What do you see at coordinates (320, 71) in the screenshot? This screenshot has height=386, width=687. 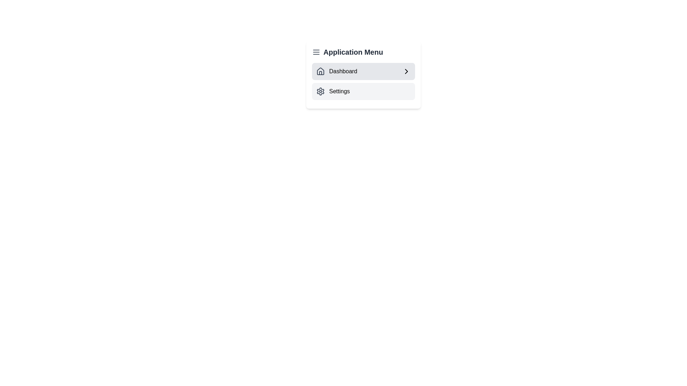 I see `the 'Dashboard' menu item by clicking on the house-shaped icon located at the start of the menu entry` at bounding box center [320, 71].